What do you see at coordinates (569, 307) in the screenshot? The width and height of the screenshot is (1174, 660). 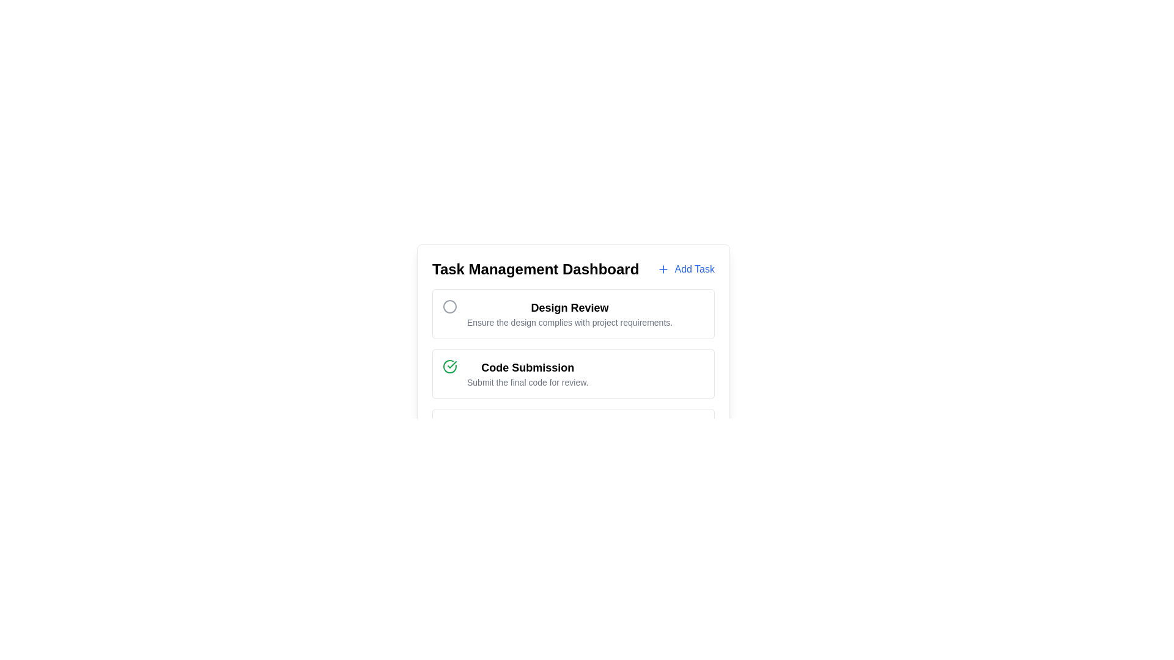 I see `text from the bold, large-sized header labeled 'Design Review' positioned at the top of the task description block in the Task Management Dashboard` at bounding box center [569, 307].